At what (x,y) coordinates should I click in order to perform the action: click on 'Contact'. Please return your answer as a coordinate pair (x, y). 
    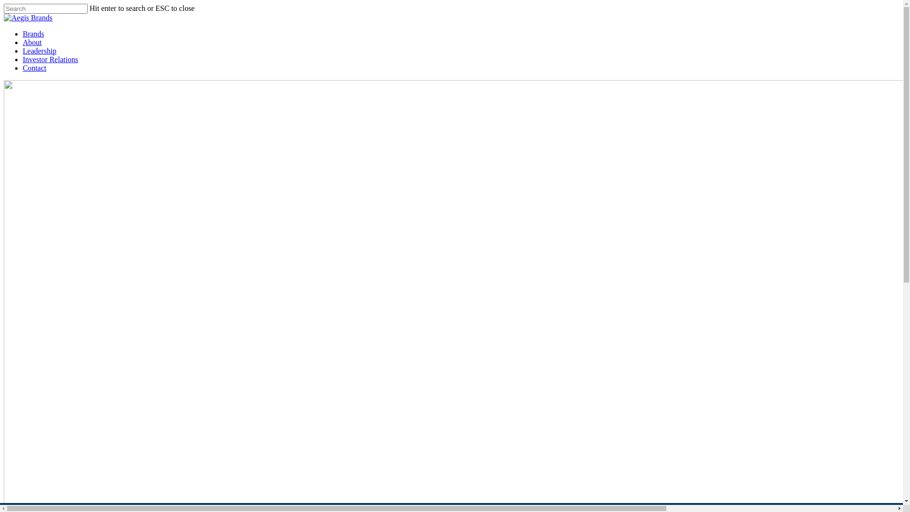
    Looking at the image, I should click on (34, 67).